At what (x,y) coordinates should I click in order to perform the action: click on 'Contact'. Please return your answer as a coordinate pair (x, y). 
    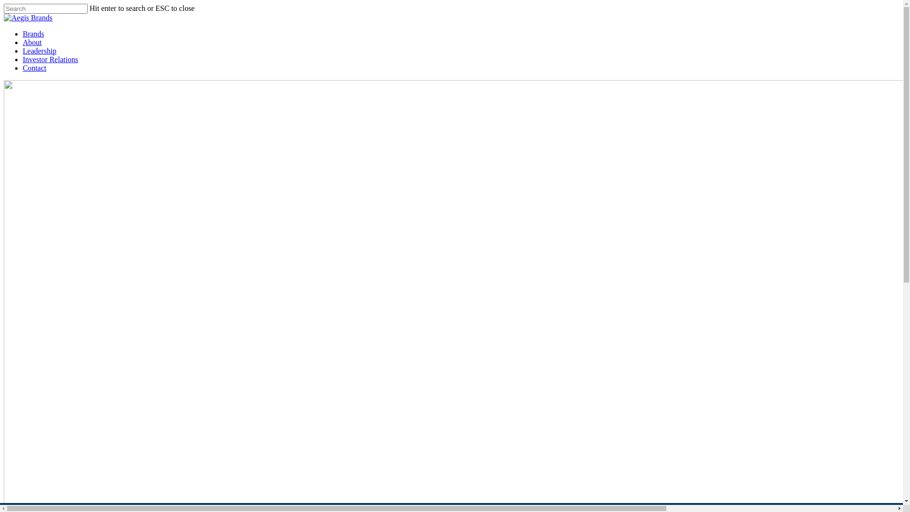
    Looking at the image, I should click on (34, 67).